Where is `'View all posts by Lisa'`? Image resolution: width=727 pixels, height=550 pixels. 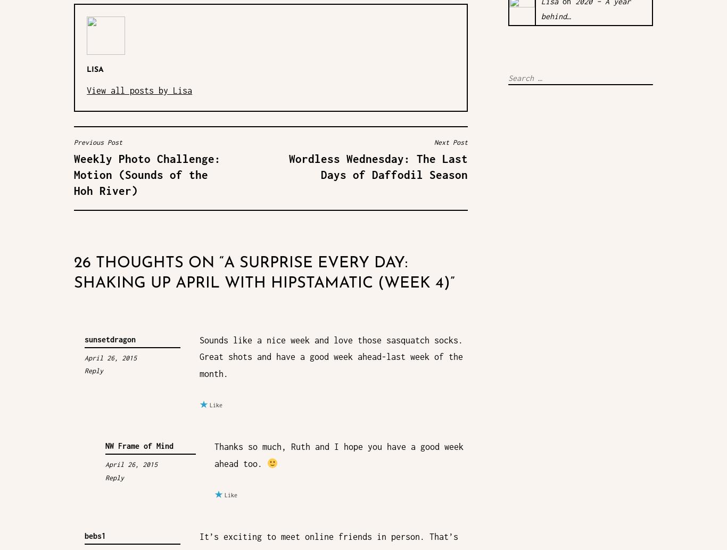 'View all posts by Lisa' is located at coordinates (139, 89).